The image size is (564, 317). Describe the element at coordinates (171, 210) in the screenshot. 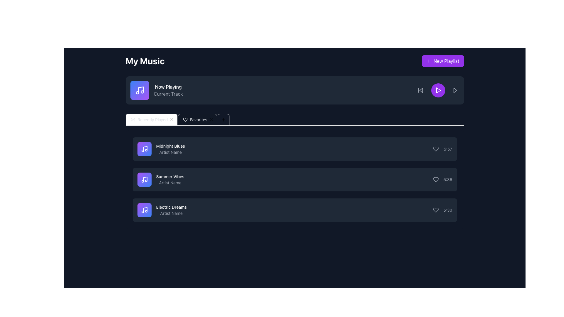

I see `the text descriptor for 'Electric Dreams' in the playlist entry` at that location.